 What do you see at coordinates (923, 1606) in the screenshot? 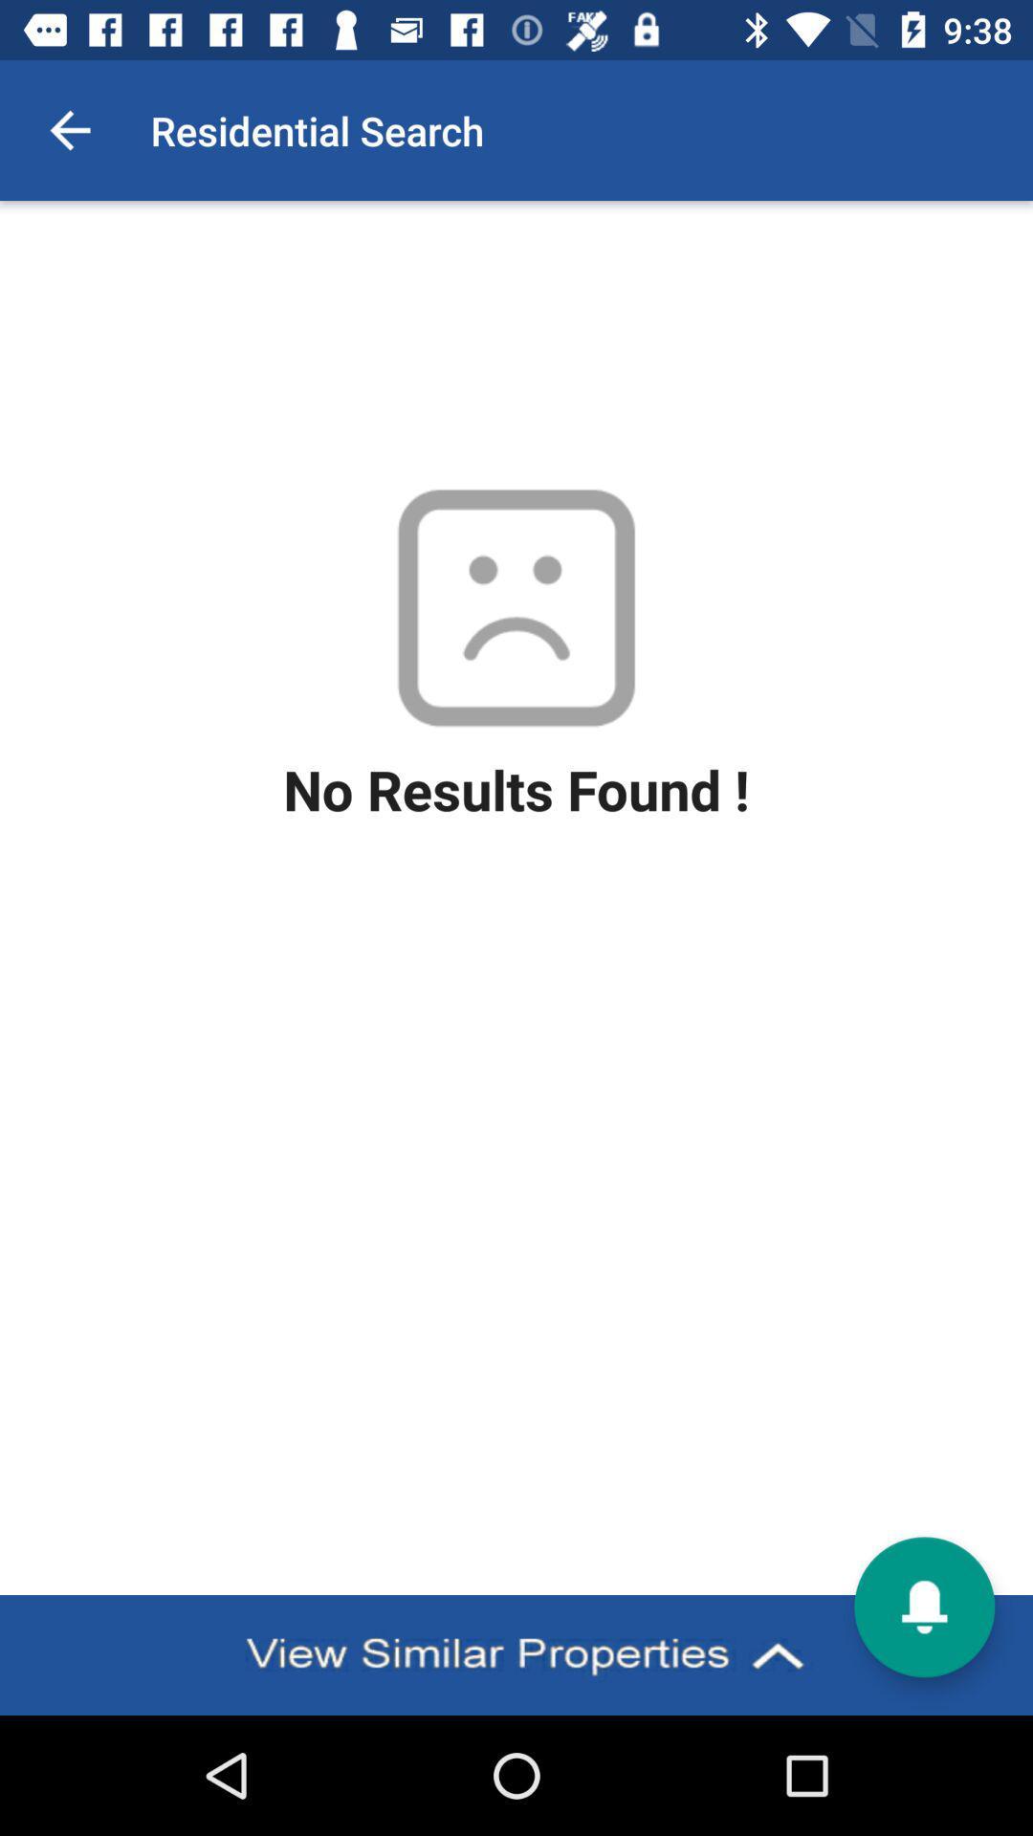
I see `the notifications icon` at bounding box center [923, 1606].